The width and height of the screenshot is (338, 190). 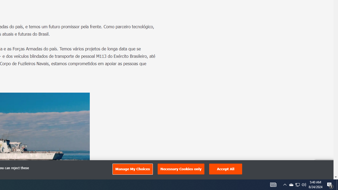 What do you see at coordinates (226, 169) in the screenshot?
I see `'Accept All'` at bounding box center [226, 169].